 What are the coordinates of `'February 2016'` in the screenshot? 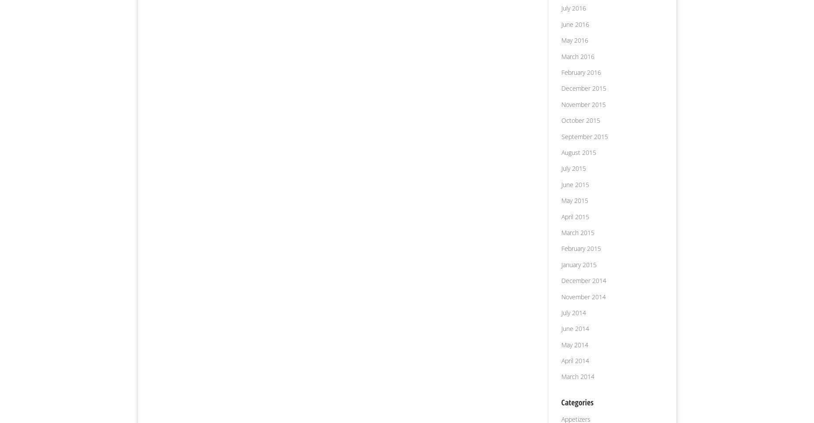 It's located at (561, 72).